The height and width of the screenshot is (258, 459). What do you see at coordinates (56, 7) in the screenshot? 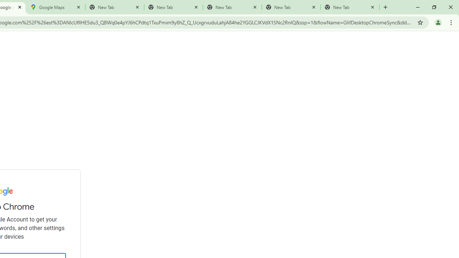
I see `'Google Maps'` at bounding box center [56, 7].